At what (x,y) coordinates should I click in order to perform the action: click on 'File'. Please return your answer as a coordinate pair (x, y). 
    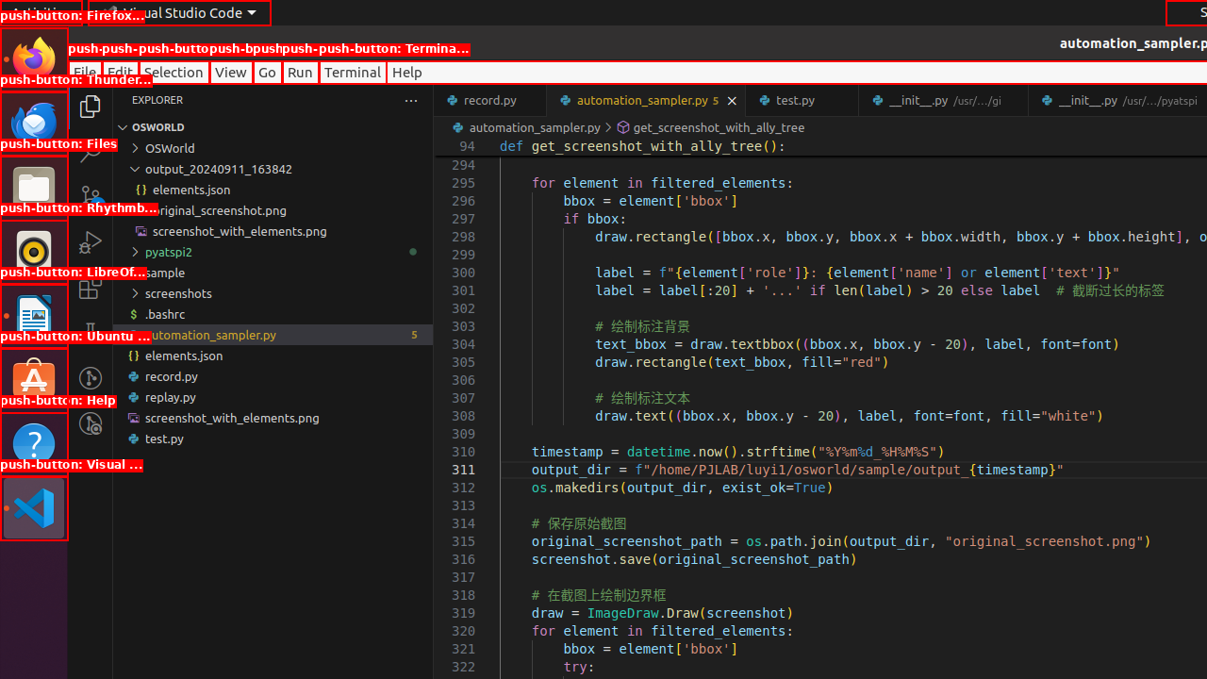
    Looking at the image, I should click on (83, 71).